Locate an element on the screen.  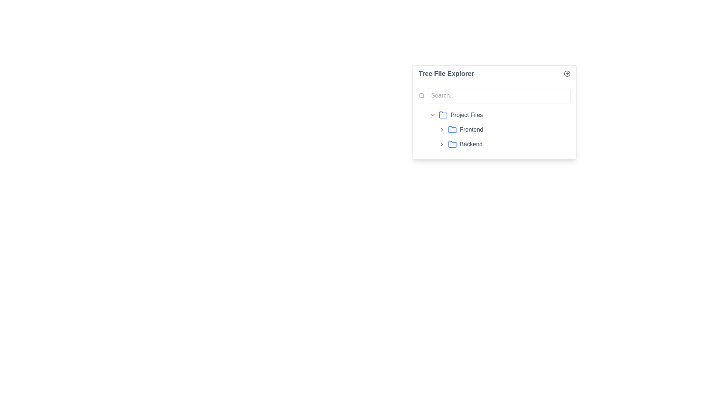
the folder icon labeled 'Backend' which has a blue outline and is part of the 'Tree File Explorer' interface is located at coordinates (452, 144).